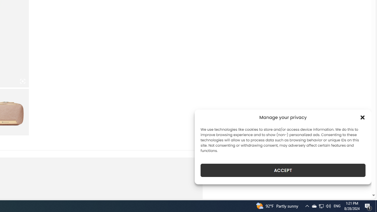  Describe the element at coordinates (22, 81) in the screenshot. I see `'Class: iconic-woothumbs-fullscreen'` at that location.